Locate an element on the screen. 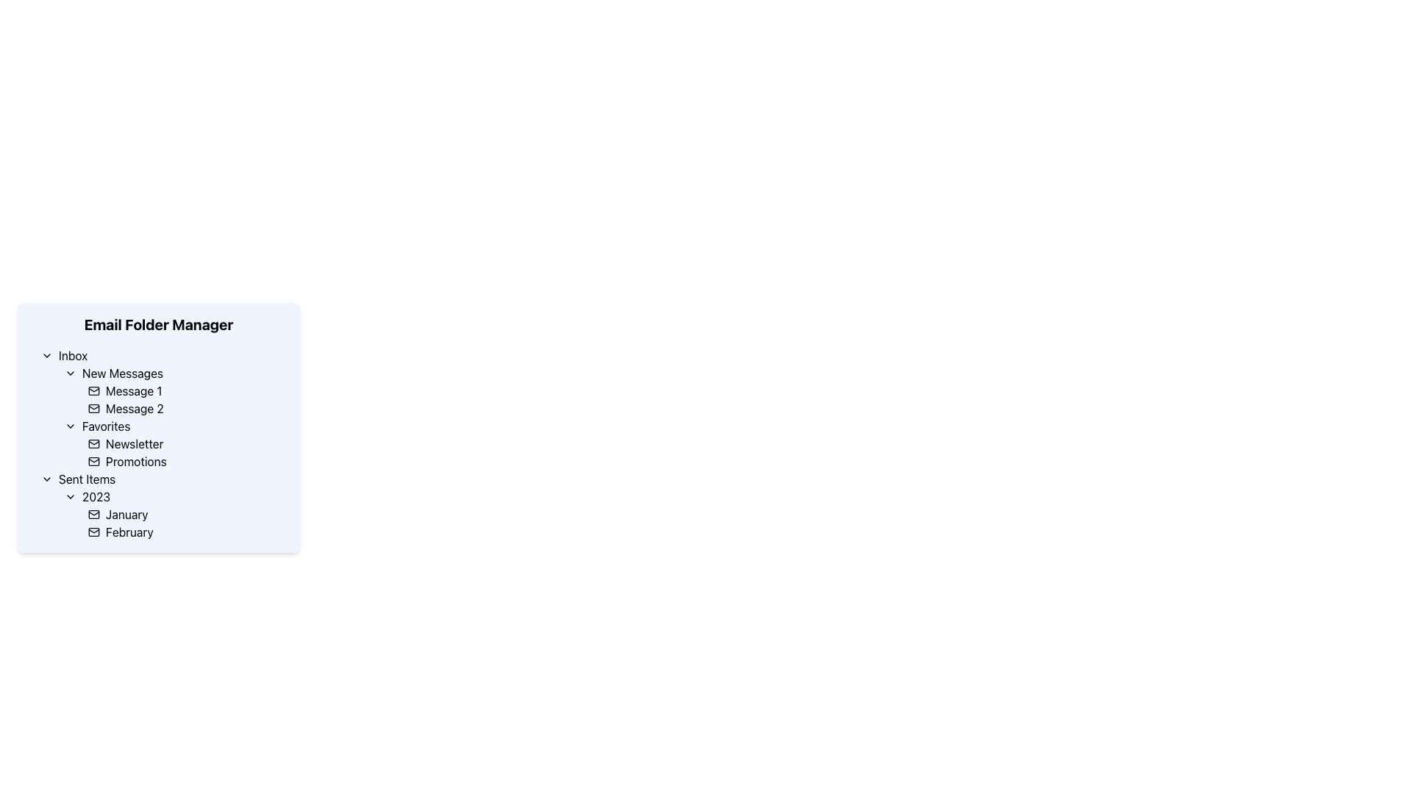 The width and height of the screenshot is (1412, 794). the minimalist mail icon located in the 'Favorites' section, specifically to the left of the 'Newsletter' label is located at coordinates (93, 443).